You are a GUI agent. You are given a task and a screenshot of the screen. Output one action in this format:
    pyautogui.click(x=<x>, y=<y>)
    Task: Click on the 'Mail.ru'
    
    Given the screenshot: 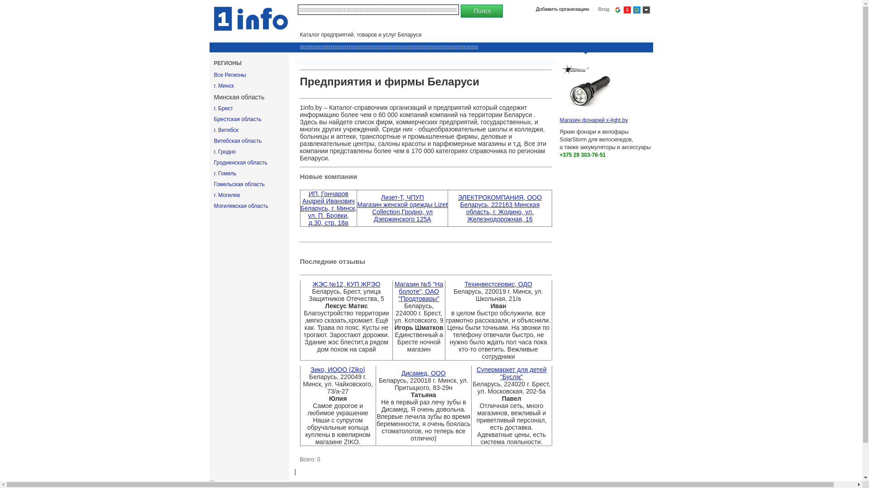 What is the action you would take?
    pyautogui.click(x=636, y=10)
    